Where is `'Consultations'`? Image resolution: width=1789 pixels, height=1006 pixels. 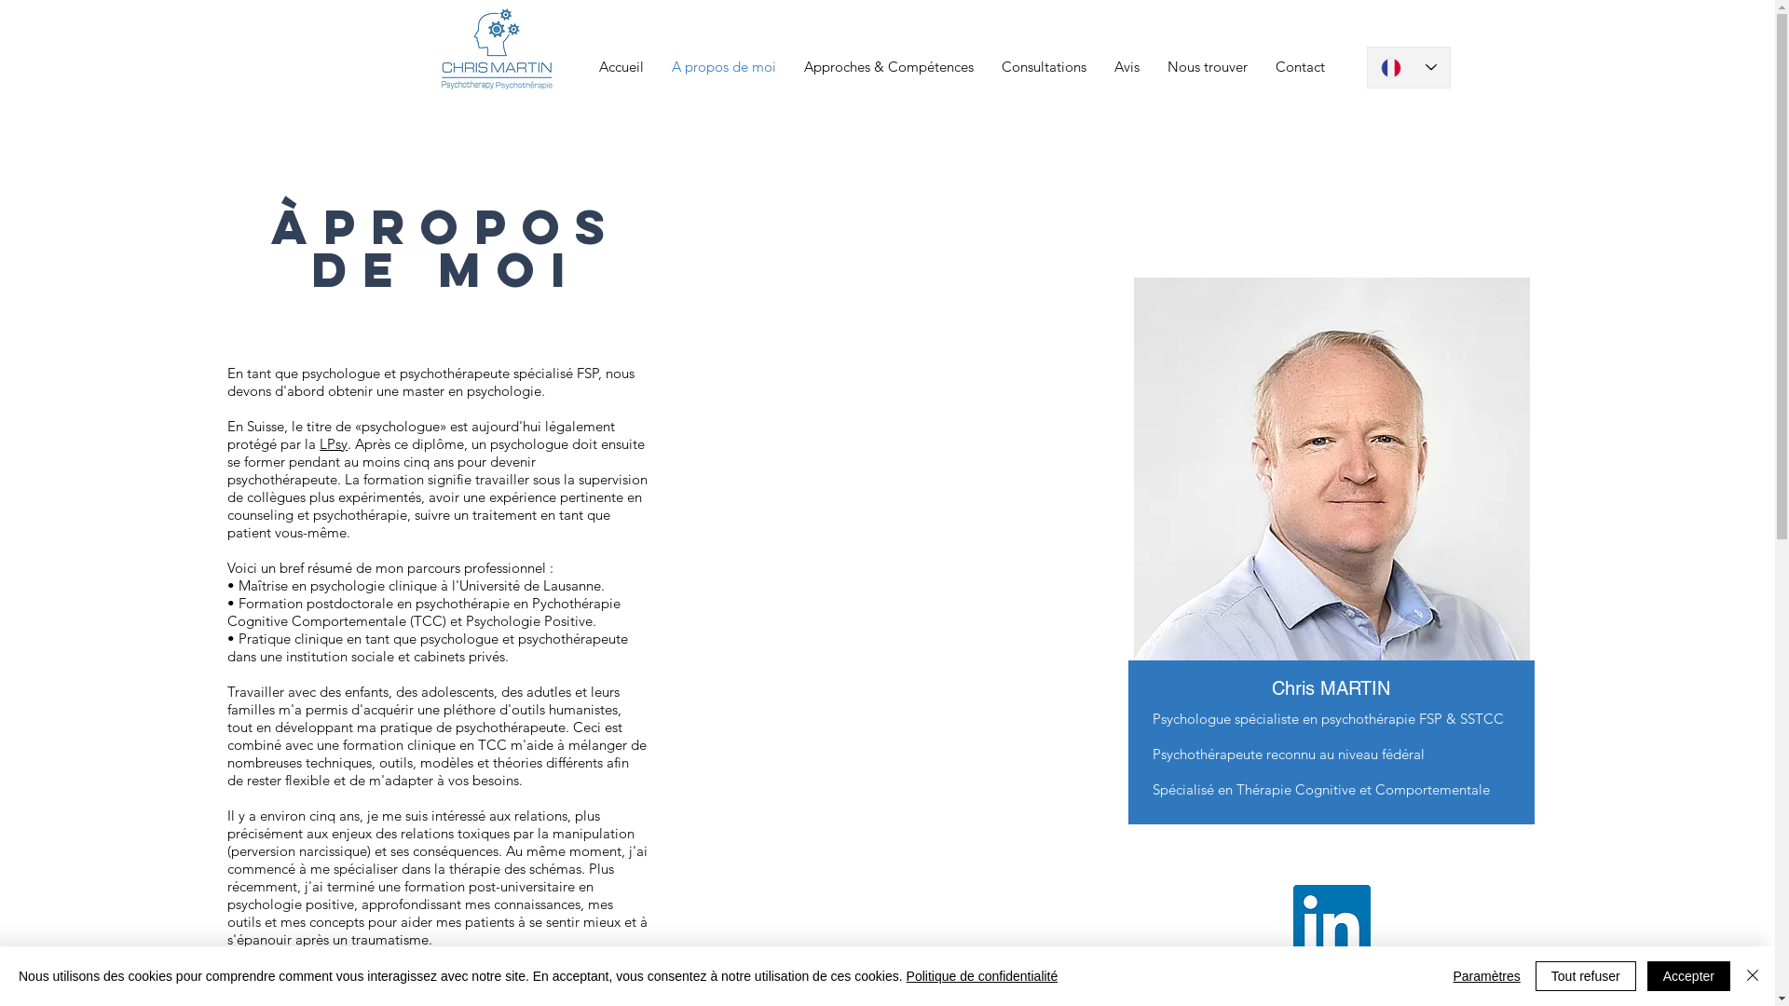
'Consultations' is located at coordinates (1044, 66).